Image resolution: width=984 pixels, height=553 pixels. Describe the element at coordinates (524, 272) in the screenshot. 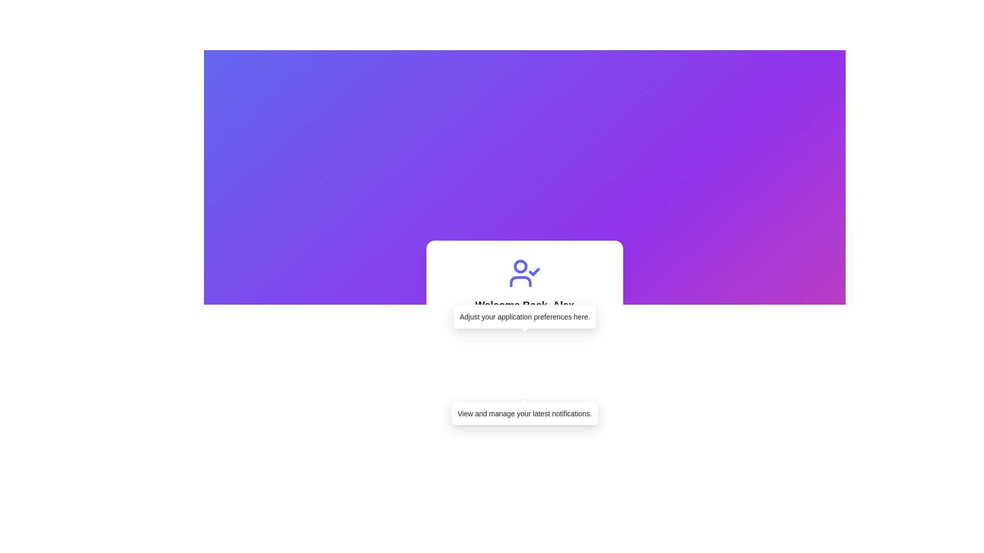

I see `the user profile icon located above the text 'Welcome Back, Alex' within the central white card on the gradient background` at that location.